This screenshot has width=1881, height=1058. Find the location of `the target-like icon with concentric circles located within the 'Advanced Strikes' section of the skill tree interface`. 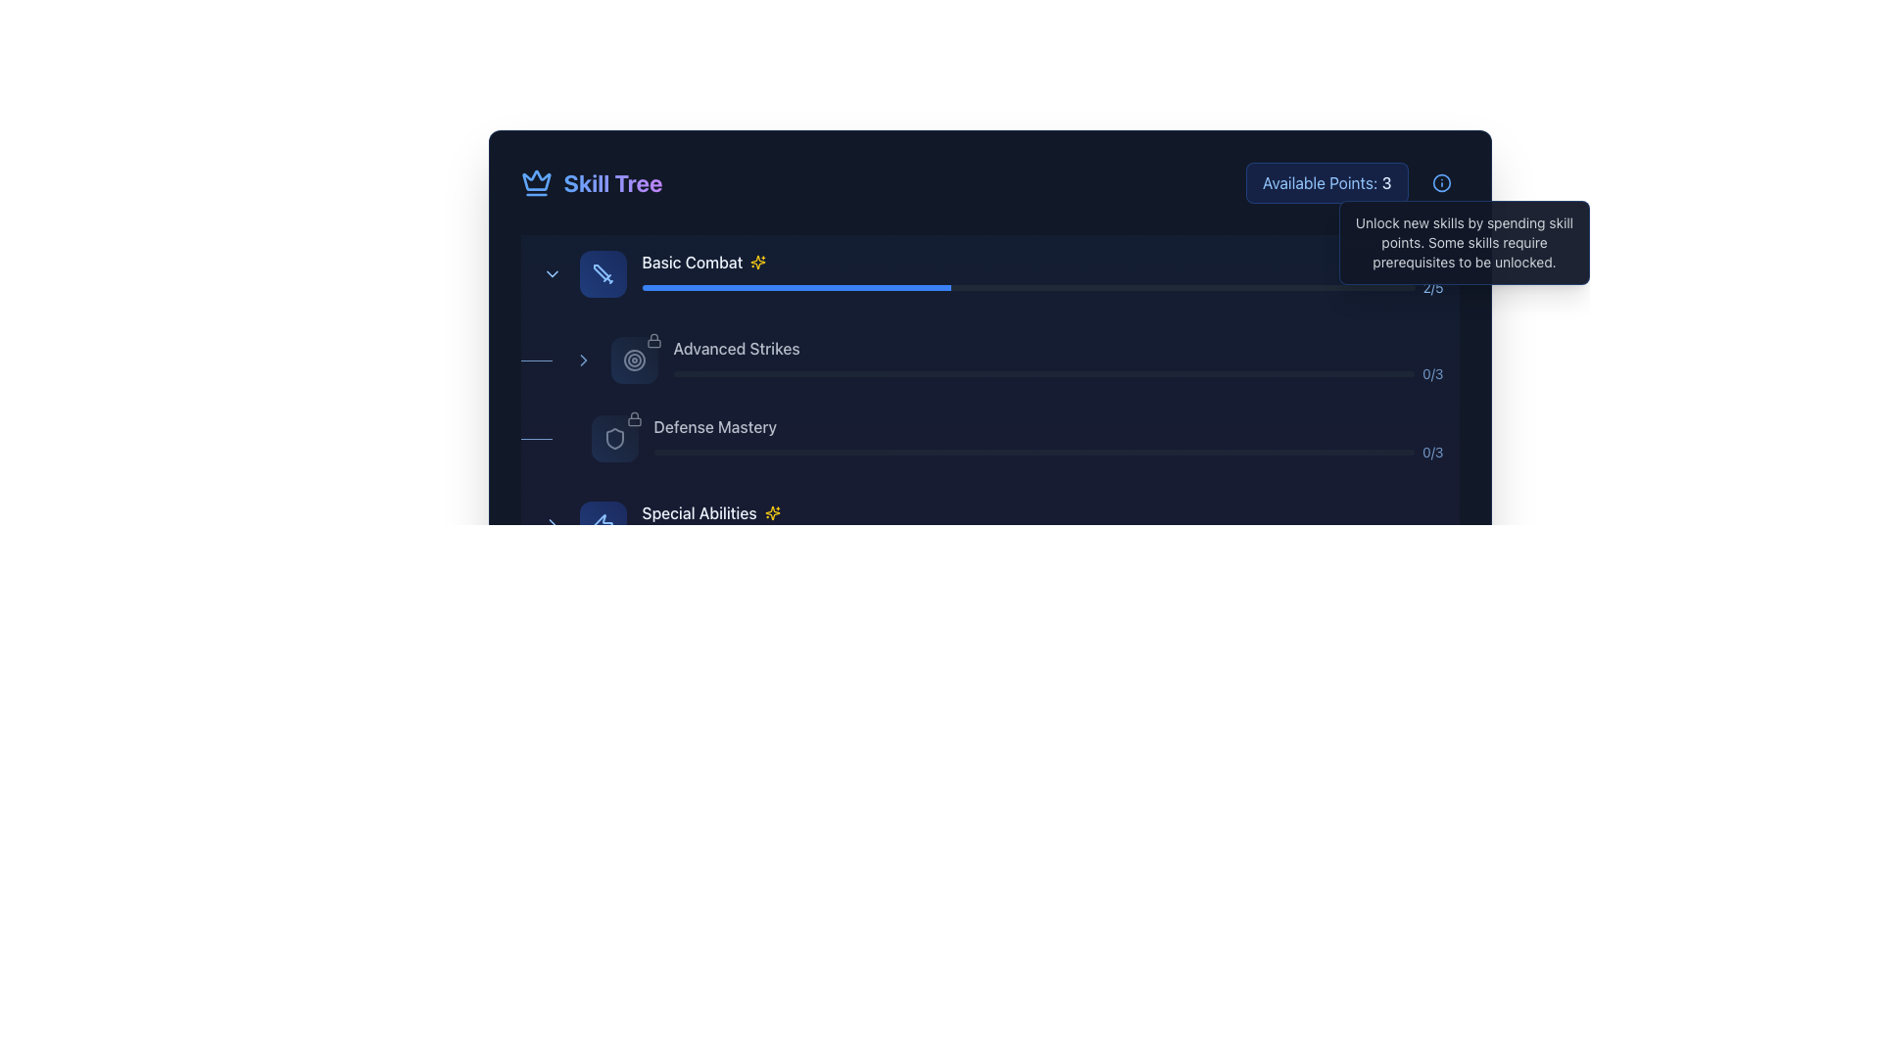

the target-like icon with concentric circles located within the 'Advanced Strikes' section of the skill tree interface is located at coordinates (634, 360).